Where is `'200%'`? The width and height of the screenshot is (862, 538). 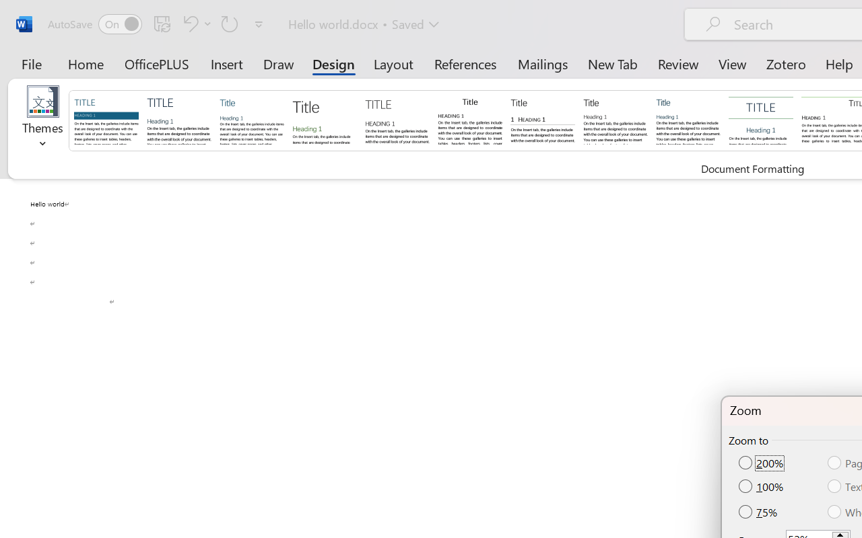 '200%' is located at coordinates (762, 463).